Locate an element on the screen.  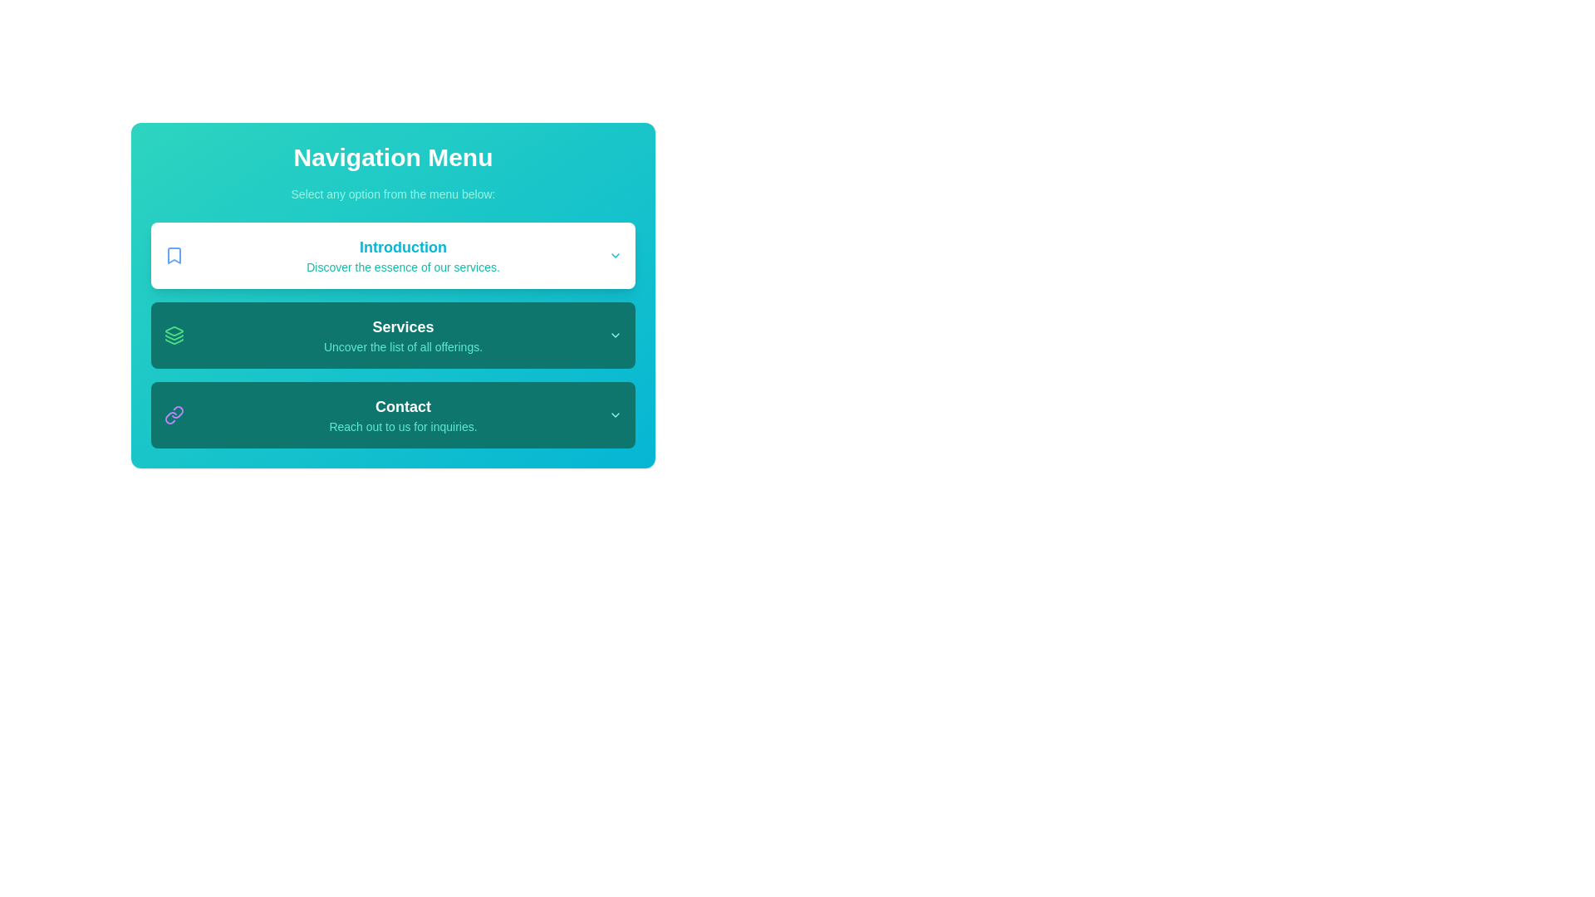
the static informational text that provides guidance to the user, indicating they should choose an option from the menu listed below, situated below the heading 'Navigation Menu' and above a list of interactive options is located at coordinates (392, 194).